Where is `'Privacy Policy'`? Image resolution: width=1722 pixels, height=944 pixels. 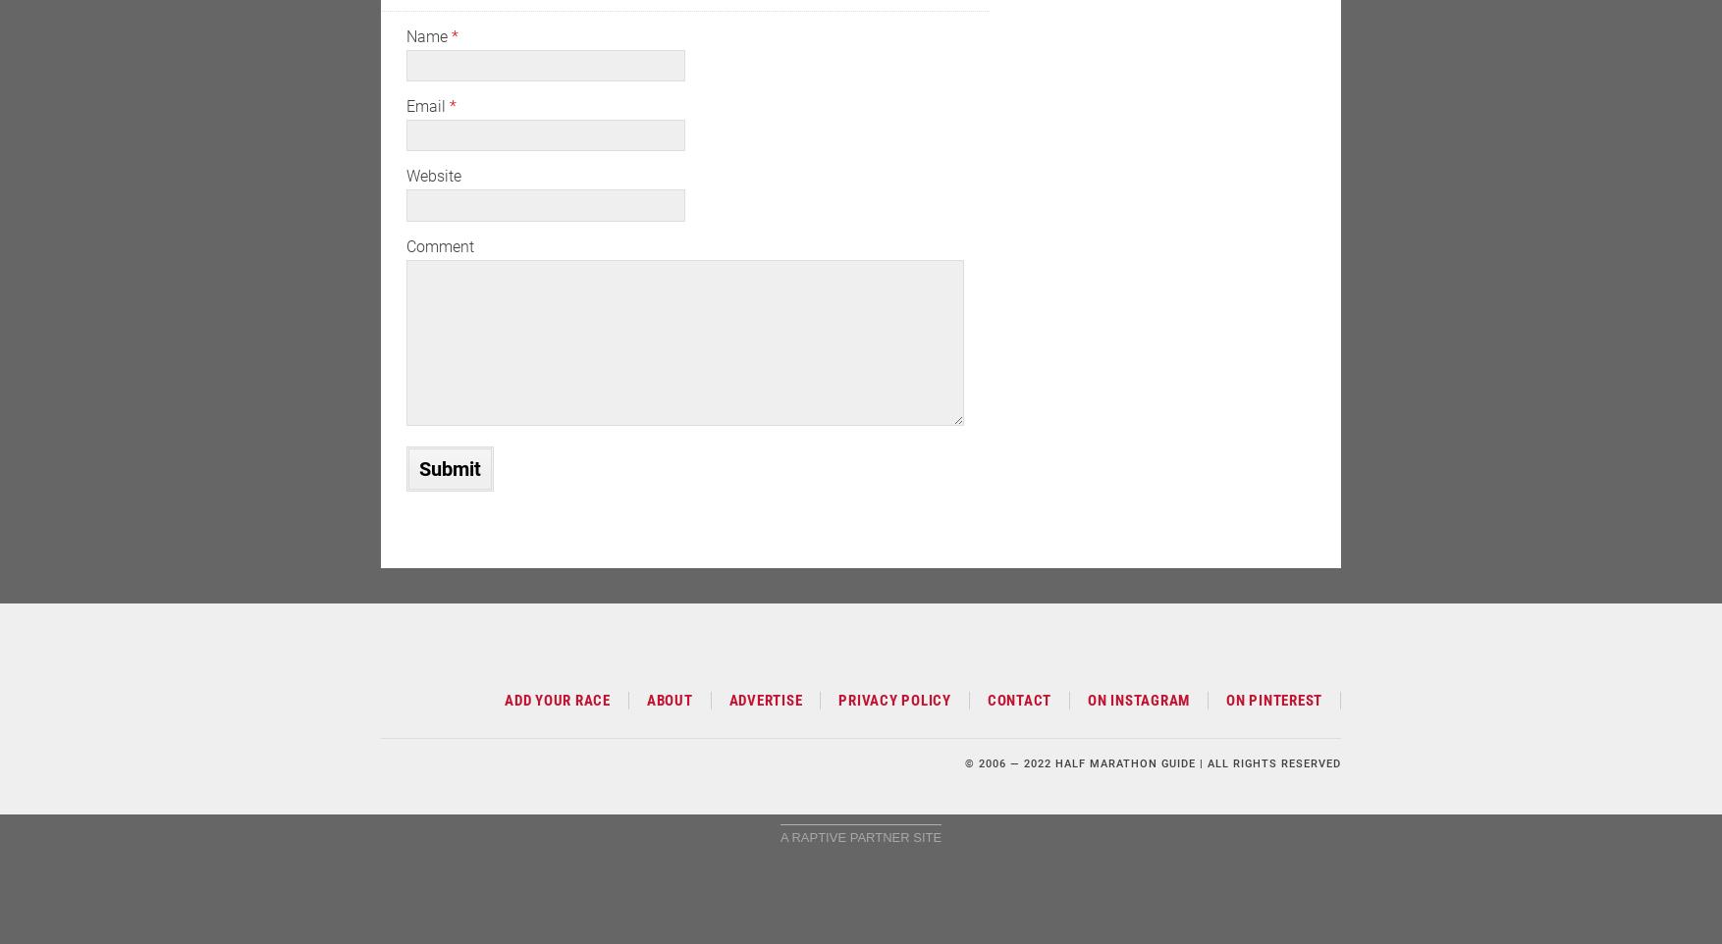
'Privacy Policy' is located at coordinates (894, 699).